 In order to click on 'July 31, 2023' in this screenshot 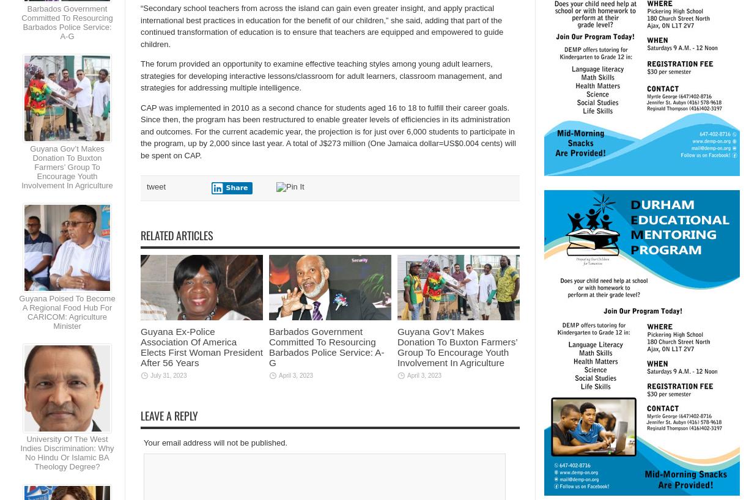, I will do `click(168, 374)`.